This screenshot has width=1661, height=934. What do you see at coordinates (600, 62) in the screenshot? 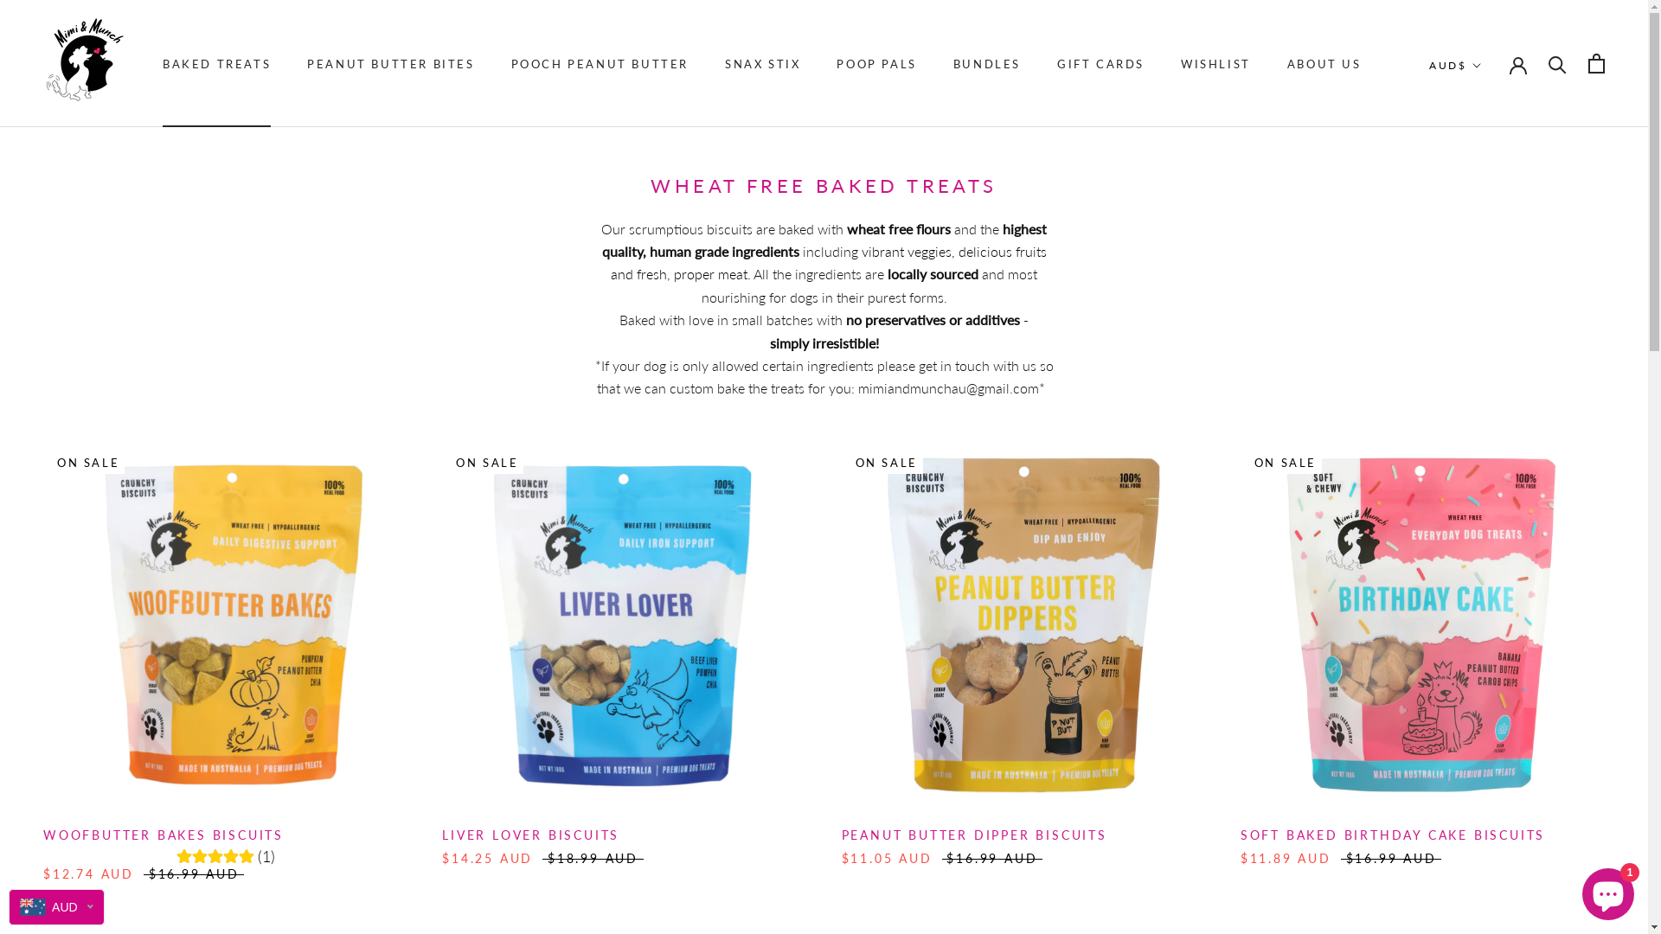
I see `'POOCH PEANUT BUTTER'` at bounding box center [600, 62].